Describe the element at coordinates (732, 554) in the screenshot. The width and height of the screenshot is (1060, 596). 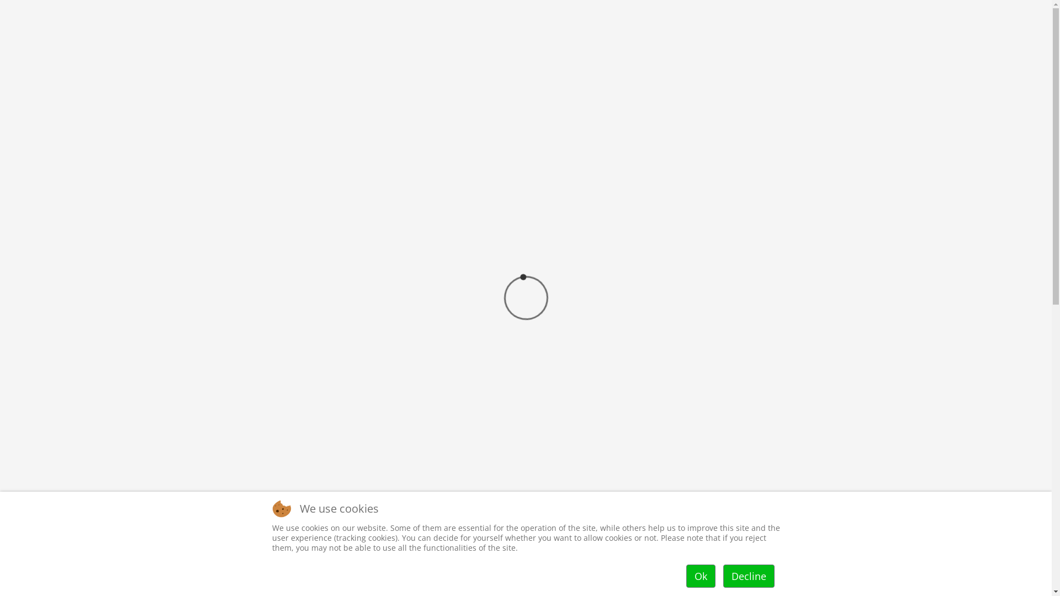
I see `'director@college-ripo.by'` at that location.